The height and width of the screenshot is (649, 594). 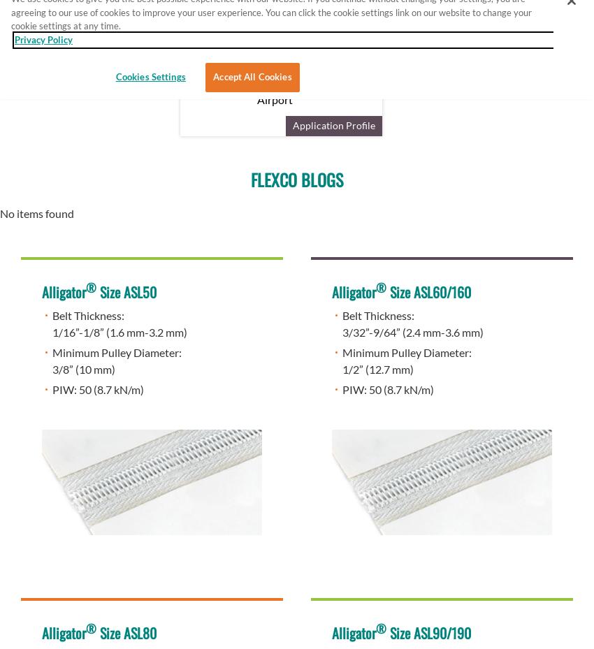 What do you see at coordinates (428, 632) in the screenshot?
I see `'Size ASL90/190'` at bounding box center [428, 632].